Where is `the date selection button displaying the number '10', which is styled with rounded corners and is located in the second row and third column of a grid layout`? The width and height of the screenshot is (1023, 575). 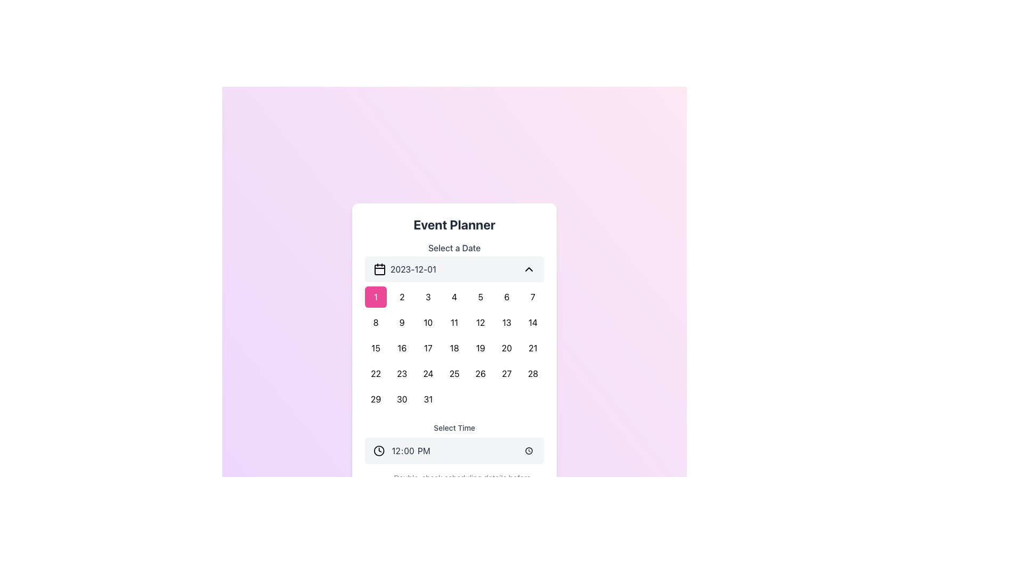 the date selection button displaying the number '10', which is styled with rounded corners and is located in the second row and third column of a grid layout is located at coordinates (428, 322).